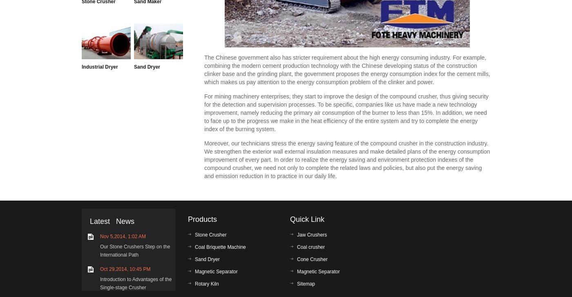  I want to click on 'Quick Link', so click(307, 219).